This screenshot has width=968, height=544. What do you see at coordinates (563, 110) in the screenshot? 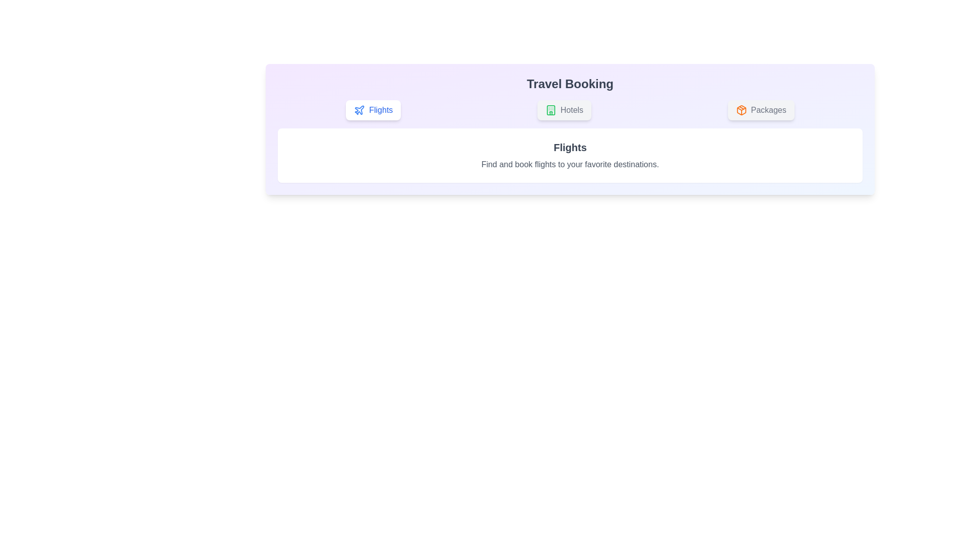
I see `the Hotels tab by clicking on its button` at bounding box center [563, 110].